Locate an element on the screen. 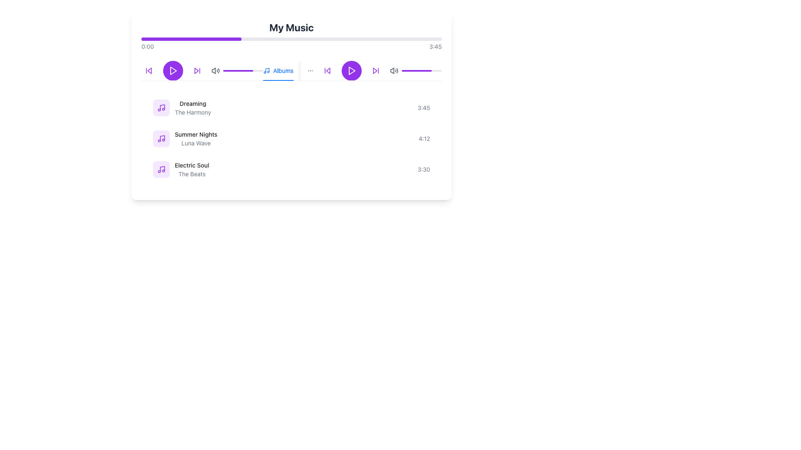  playback position is located at coordinates (251, 70).